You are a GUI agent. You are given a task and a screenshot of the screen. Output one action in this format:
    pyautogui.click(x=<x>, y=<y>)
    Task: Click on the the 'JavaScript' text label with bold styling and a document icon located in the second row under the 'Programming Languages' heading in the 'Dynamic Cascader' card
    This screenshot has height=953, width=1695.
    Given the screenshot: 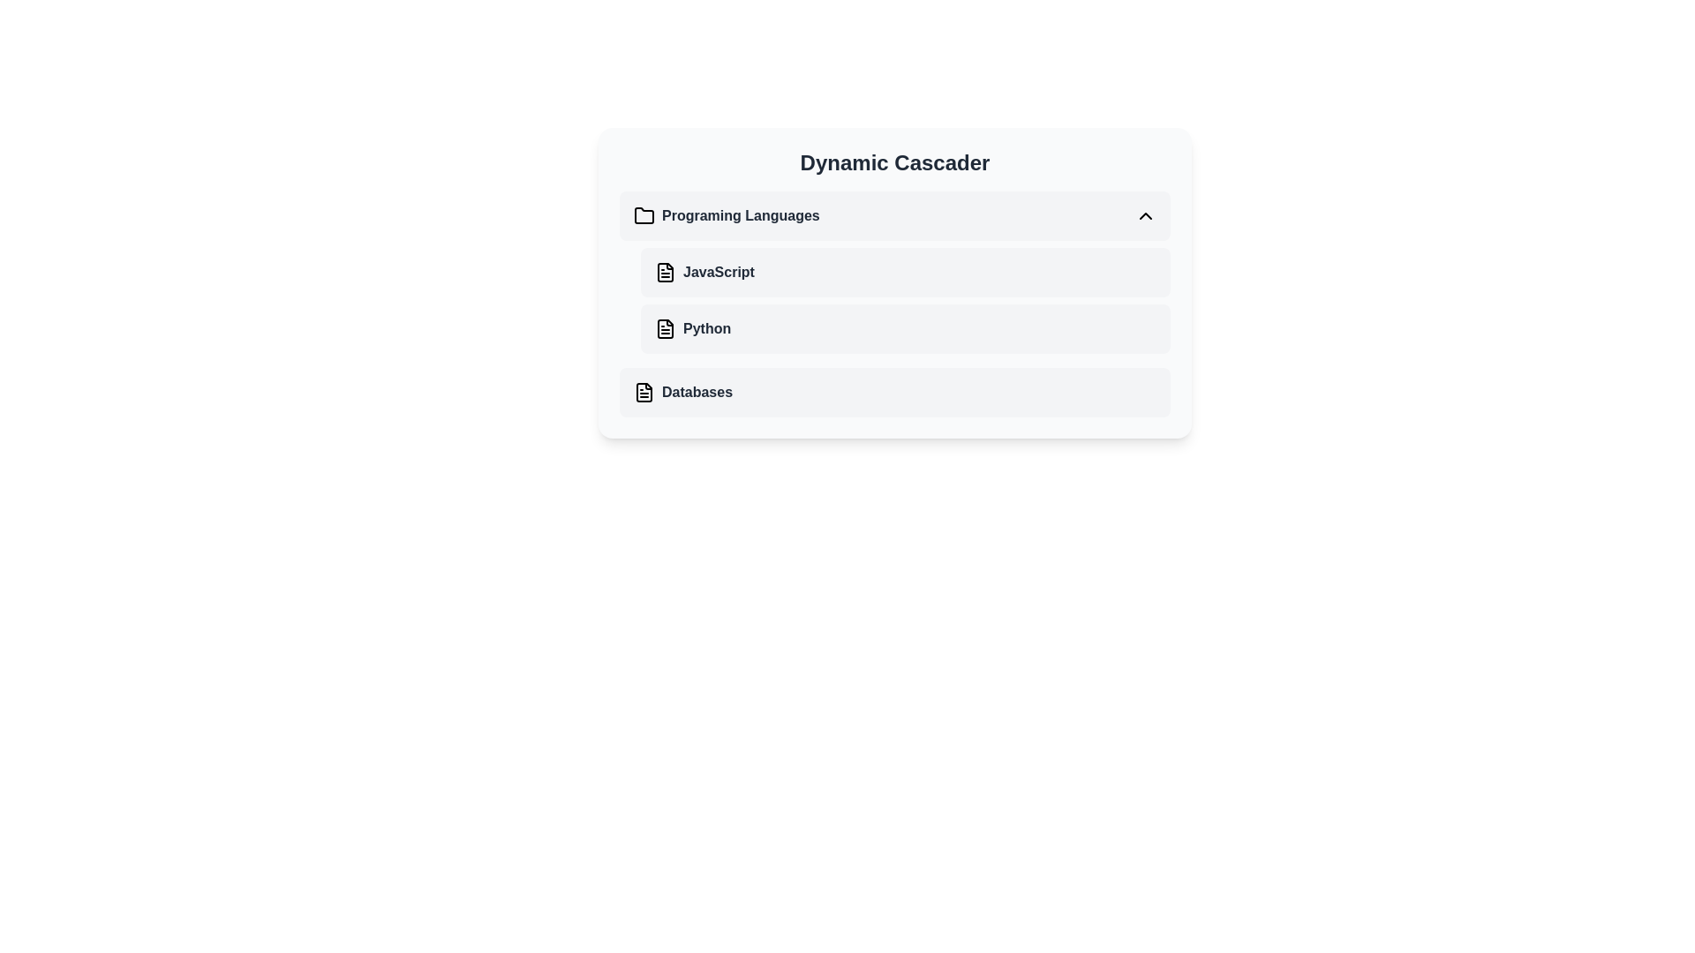 What is the action you would take?
    pyautogui.click(x=704, y=272)
    